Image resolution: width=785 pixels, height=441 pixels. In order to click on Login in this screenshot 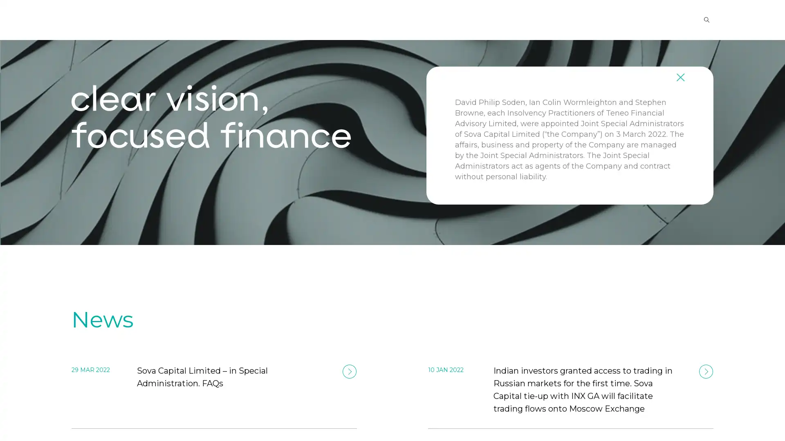, I will do `click(650, 19)`.